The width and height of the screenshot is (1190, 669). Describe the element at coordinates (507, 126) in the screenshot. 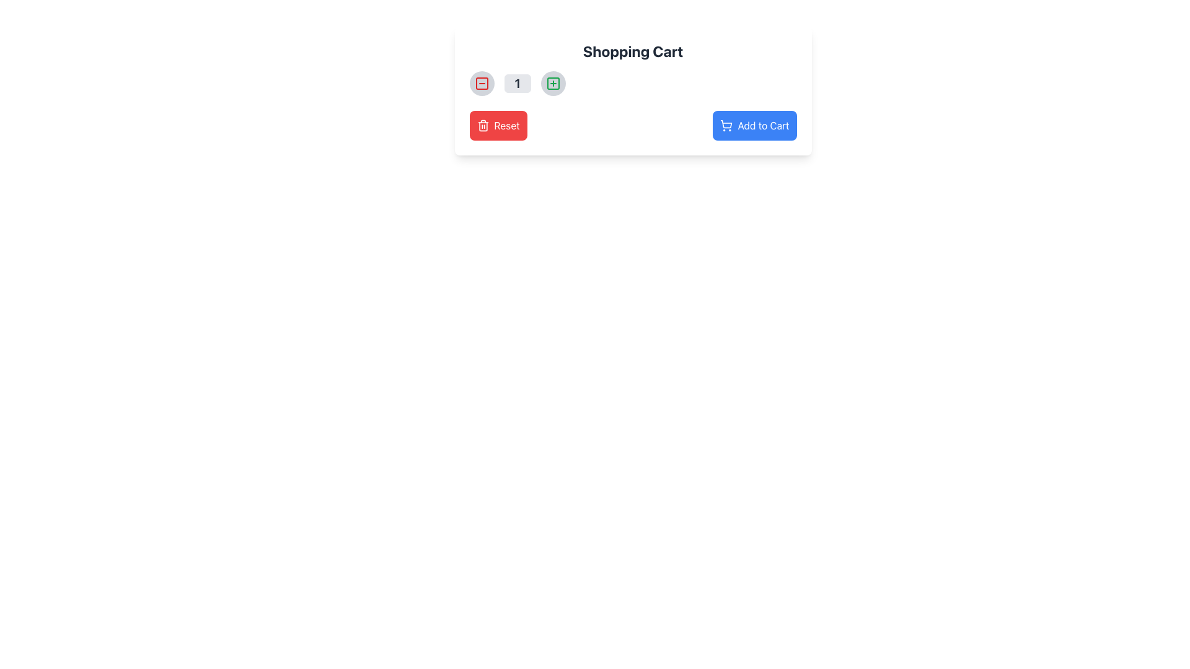

I see `the reset button located below the 'Shopping Cart' title, positioned to the right of the trash bin icon` at that location.